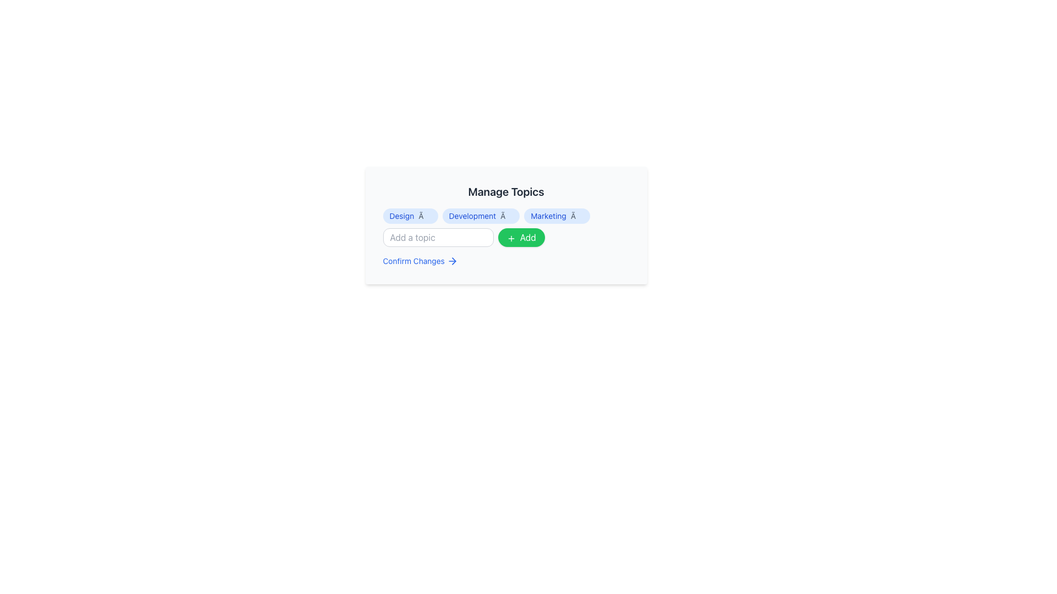 The height and width of the screenshot is (594, 1057). What do you see at coordinates (401, 216) in the screenshot?
I see `the 'Design' text label within the badge in the 'Manage Topics' section` at bounding box center [401, 216].